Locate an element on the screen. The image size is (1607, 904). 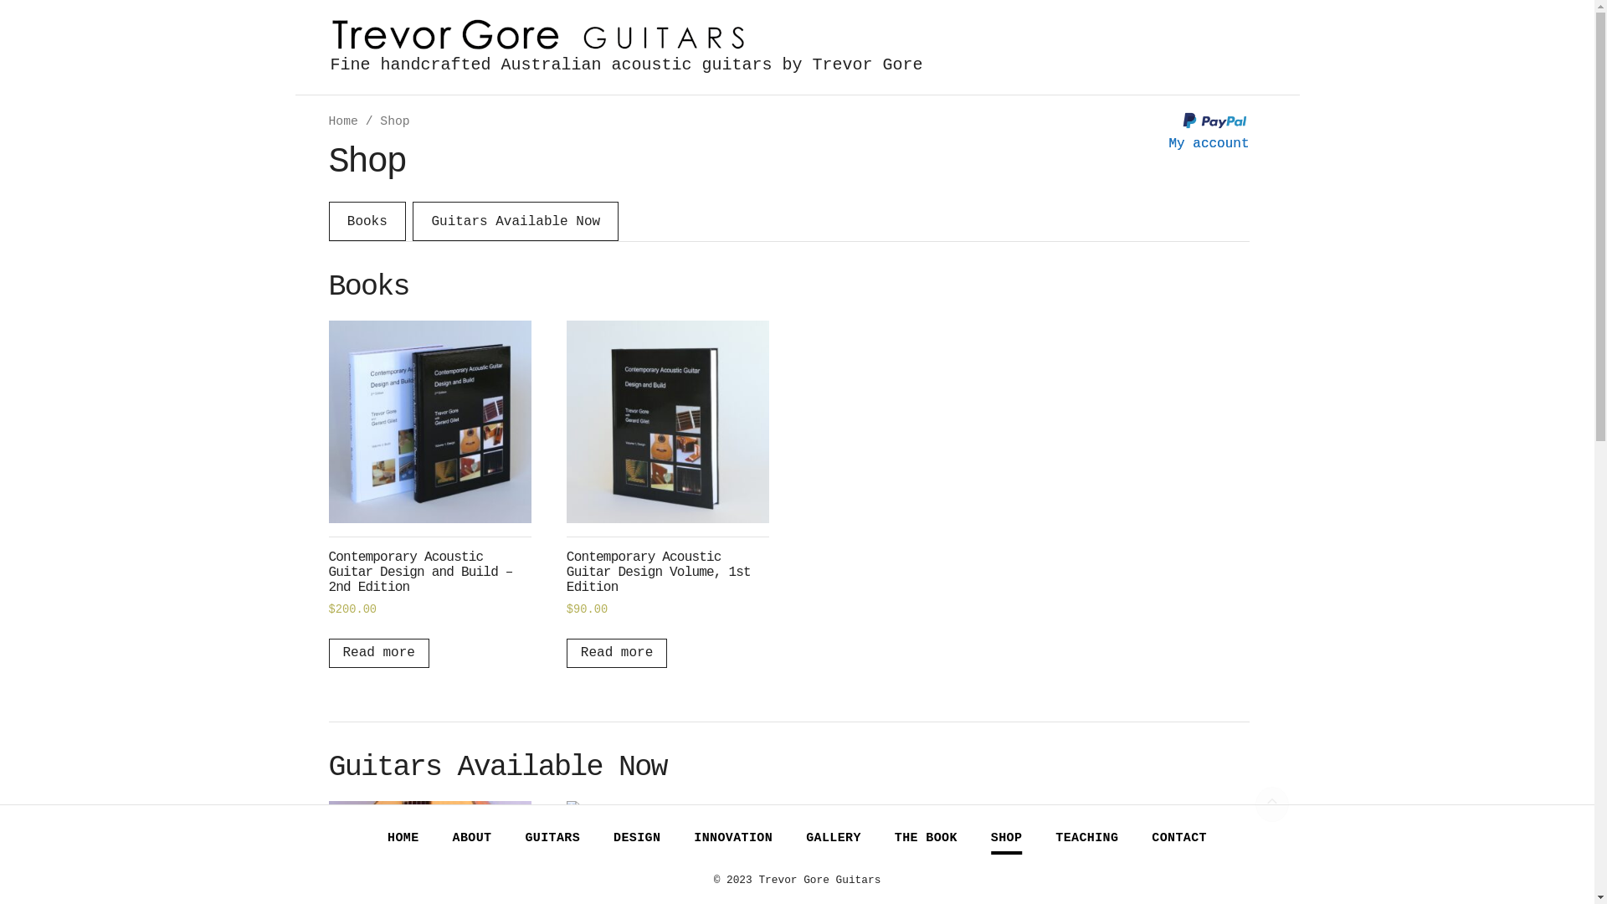
'THE BOOK' is located at coordinates (925, 839).